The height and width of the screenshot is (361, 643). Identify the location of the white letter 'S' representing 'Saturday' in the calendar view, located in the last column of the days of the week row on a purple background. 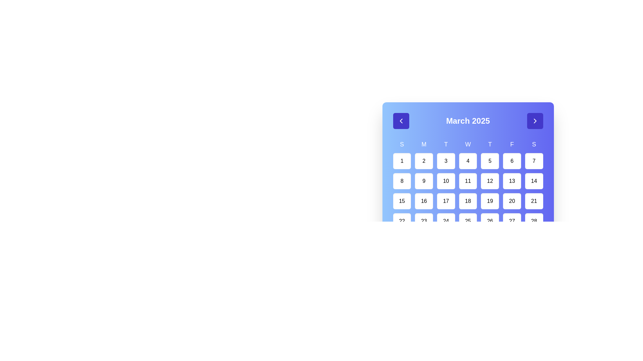
(533, 144).